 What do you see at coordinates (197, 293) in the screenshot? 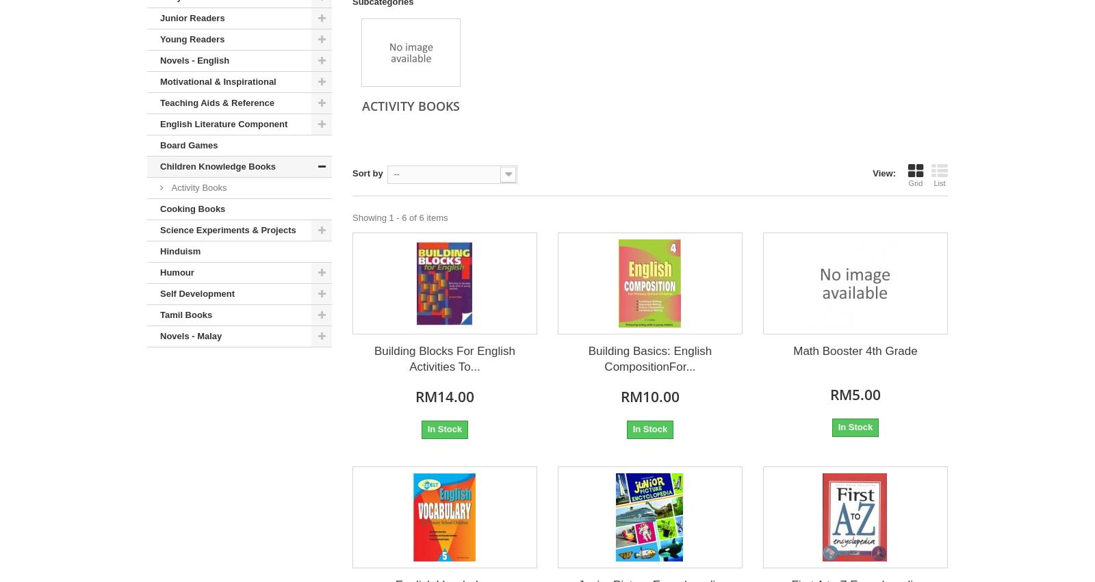
I see `'Self Development'` at bounding box center [197, 293].